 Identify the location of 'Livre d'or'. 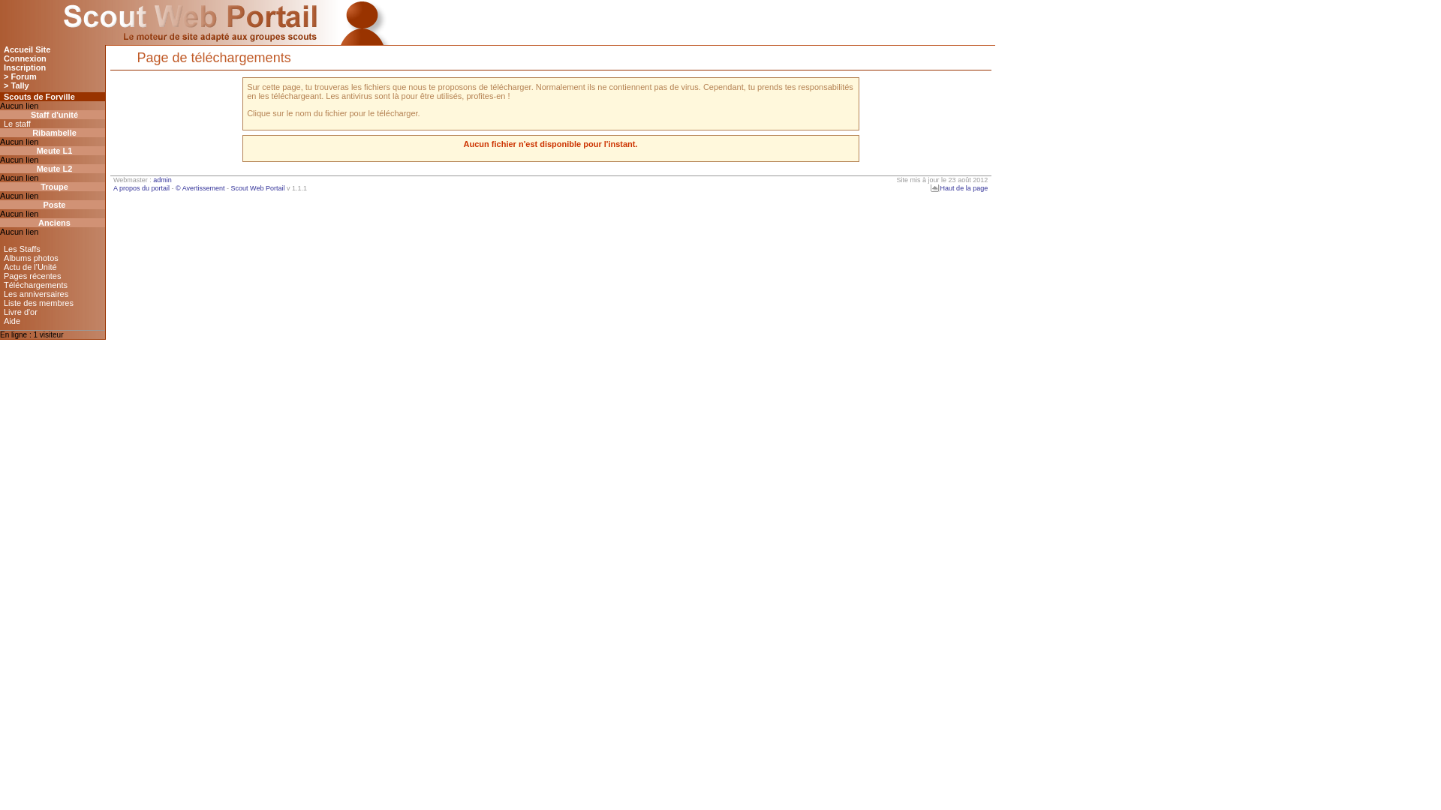
(53, 311).